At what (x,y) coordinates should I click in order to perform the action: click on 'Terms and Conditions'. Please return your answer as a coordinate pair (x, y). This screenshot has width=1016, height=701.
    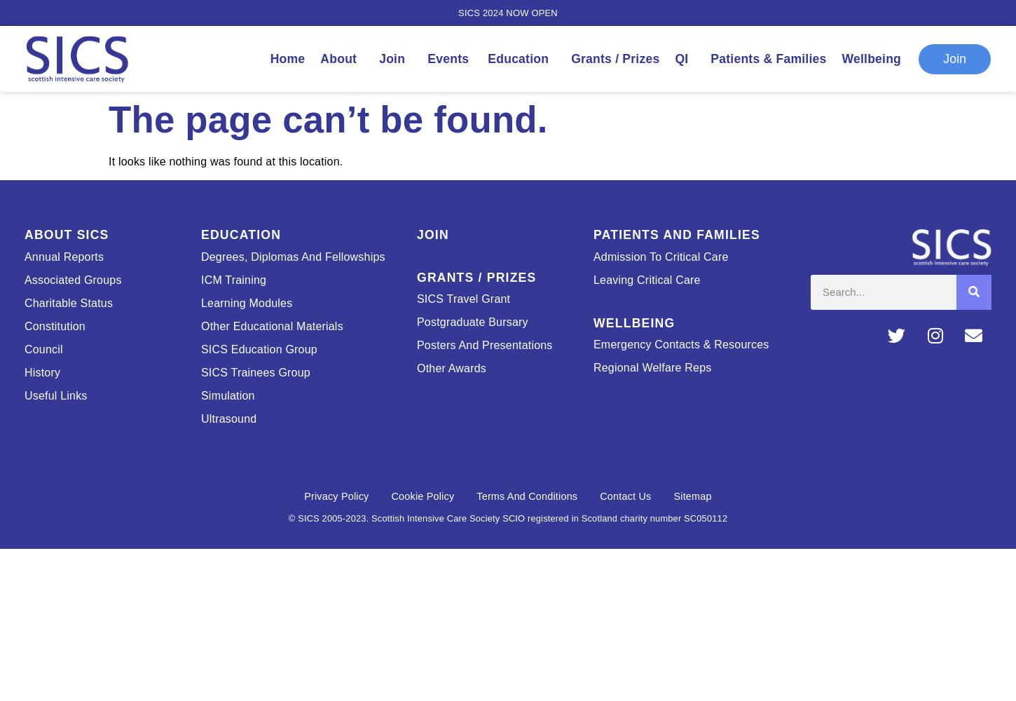
    Looking at the image, I should click on (476, 495).